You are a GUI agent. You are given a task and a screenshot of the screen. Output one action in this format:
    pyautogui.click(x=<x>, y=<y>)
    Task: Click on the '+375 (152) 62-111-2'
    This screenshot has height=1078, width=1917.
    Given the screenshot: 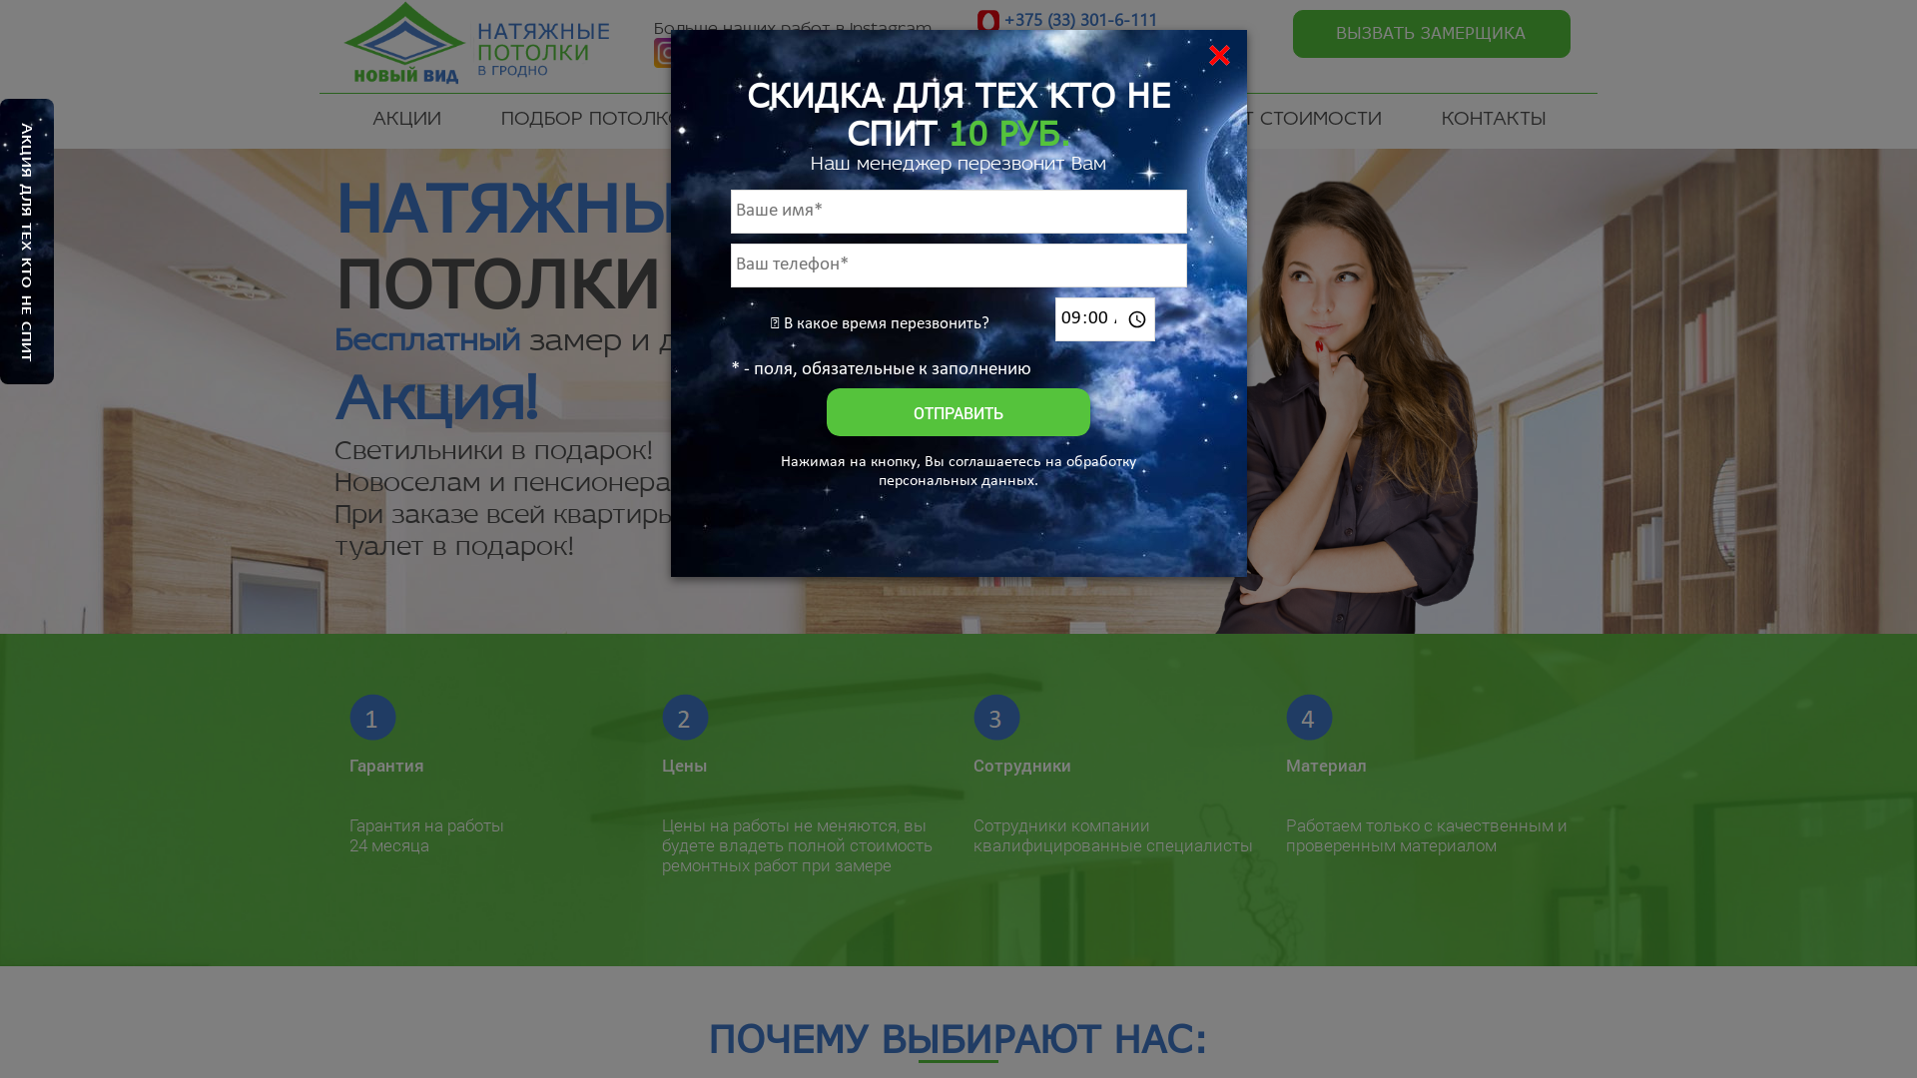 What is the action you would take?
    pyautogui.click(x=1078, y=68)
    